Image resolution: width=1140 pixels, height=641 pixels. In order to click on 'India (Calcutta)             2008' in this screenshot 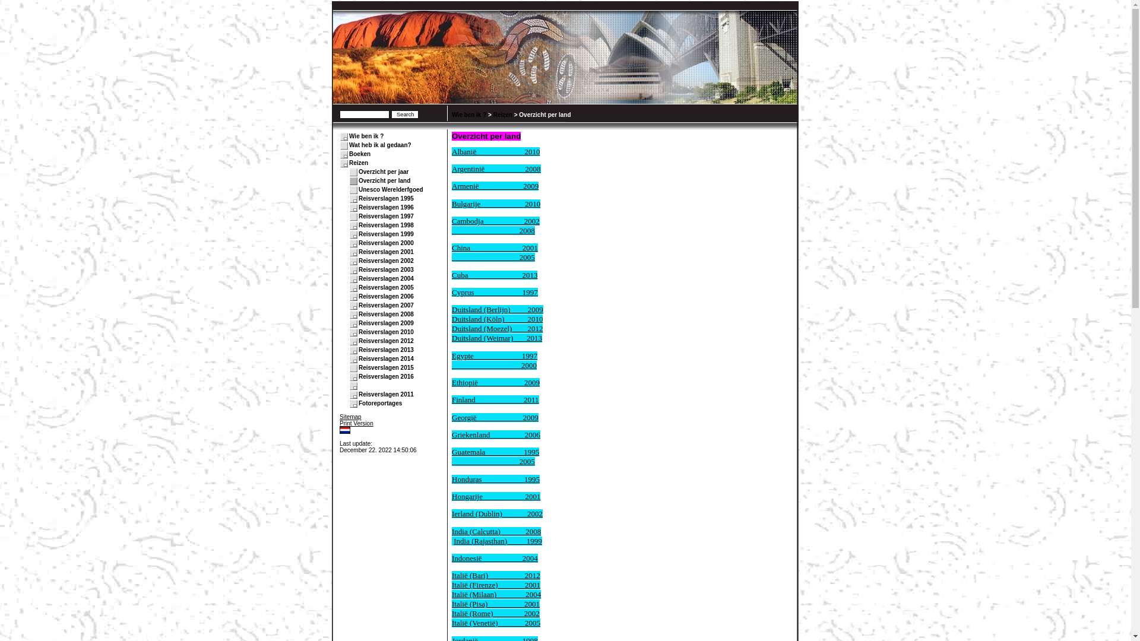, I will do `click(496, 531)`.